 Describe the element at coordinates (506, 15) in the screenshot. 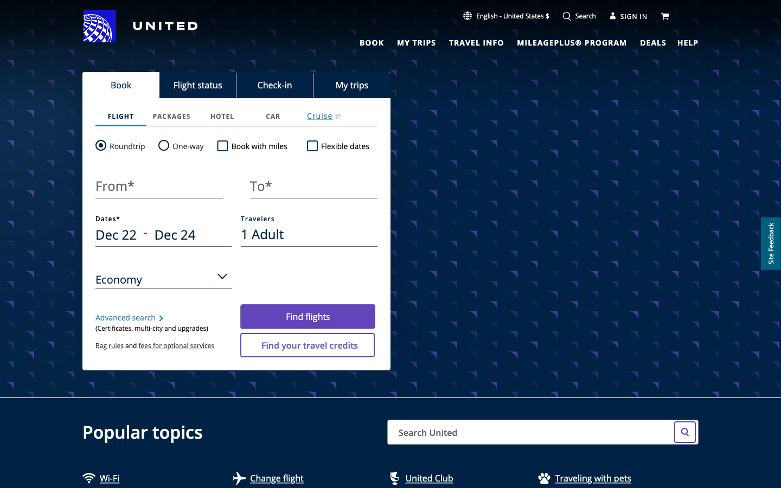

I see `Change the language setting` at that location.